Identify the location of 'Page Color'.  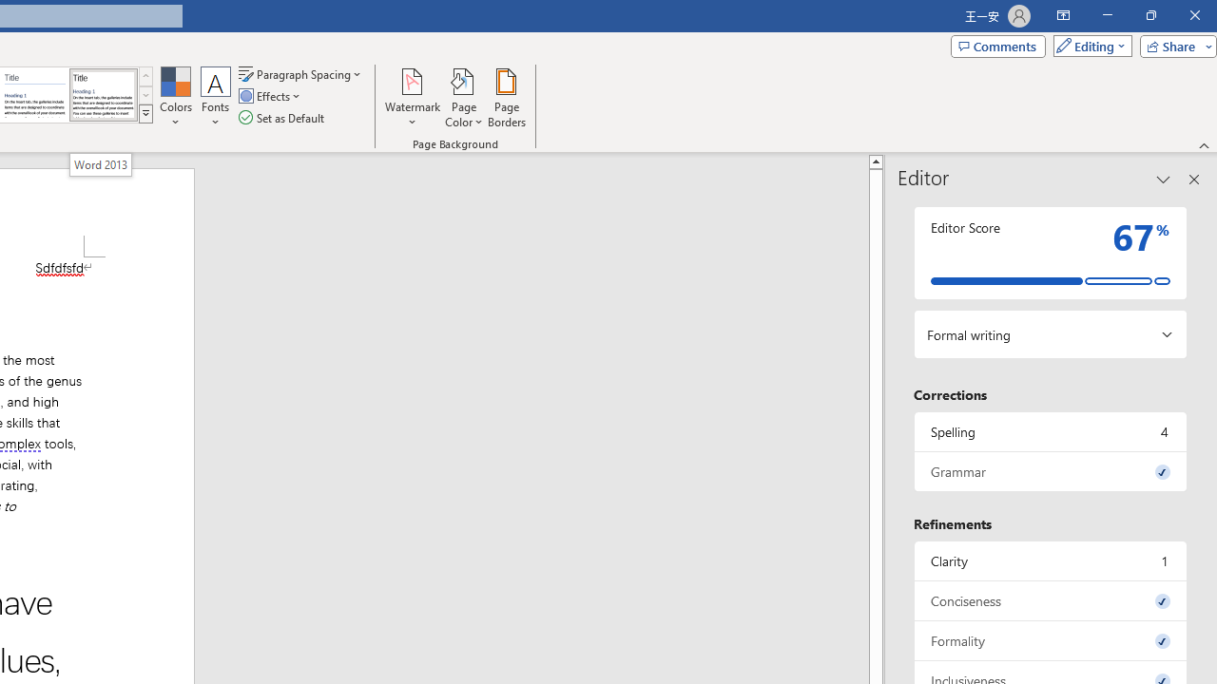
(464, 98).